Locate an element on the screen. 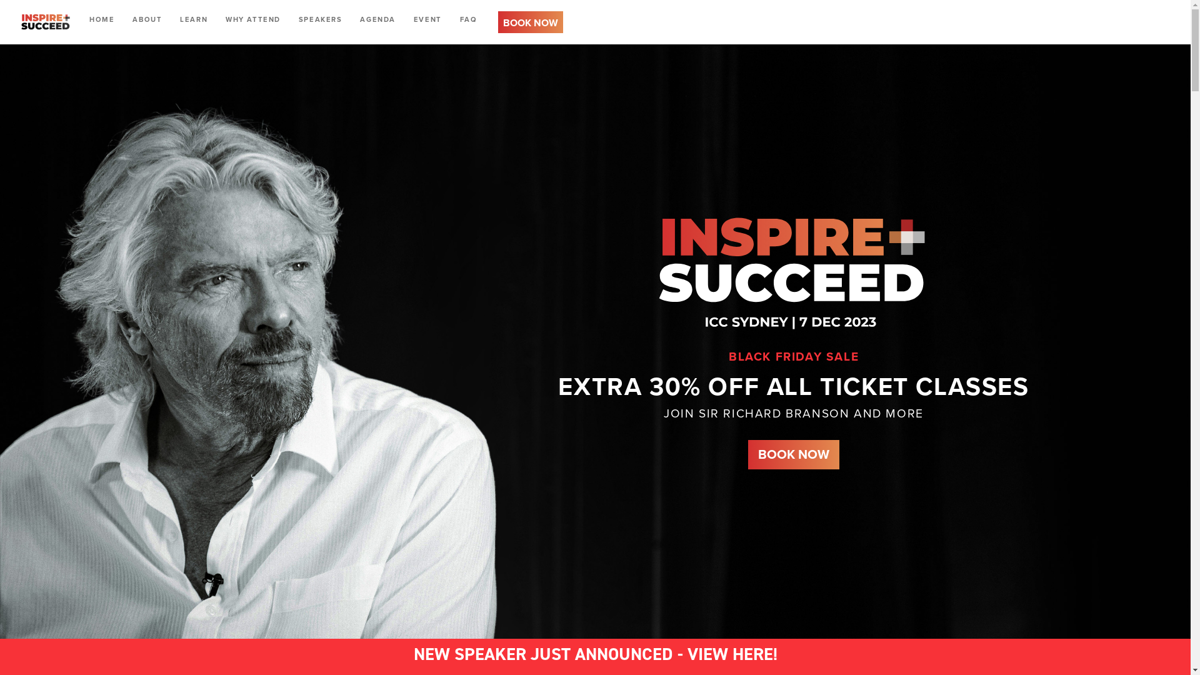 The image size is (1200, 675). 'FAQ' is located at coordinates (467, 19).